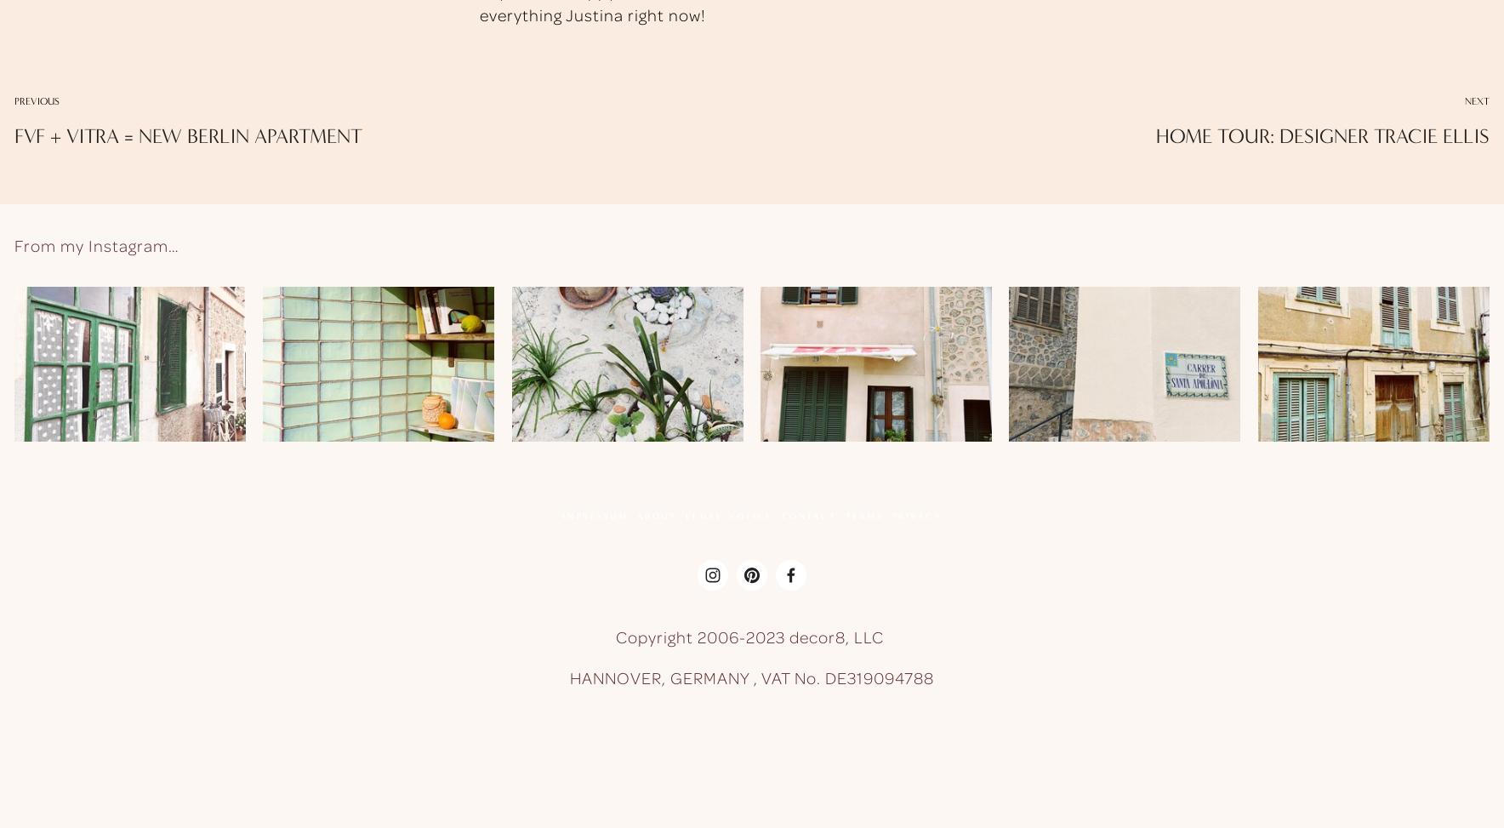  Describe the element at coordinates (656, 515) in the screenshot. I see `'About'` at that location.